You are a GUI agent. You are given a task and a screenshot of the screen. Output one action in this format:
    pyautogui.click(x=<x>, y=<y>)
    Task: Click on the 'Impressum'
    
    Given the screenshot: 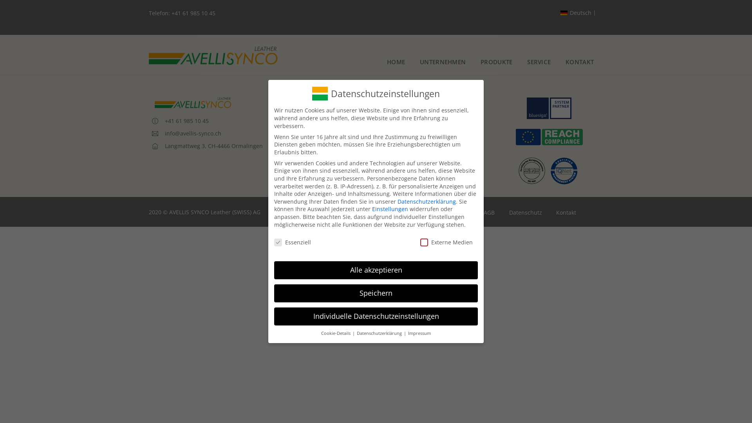 What is the action you would take?
    pyautogui.click(x=418, y=333)
    